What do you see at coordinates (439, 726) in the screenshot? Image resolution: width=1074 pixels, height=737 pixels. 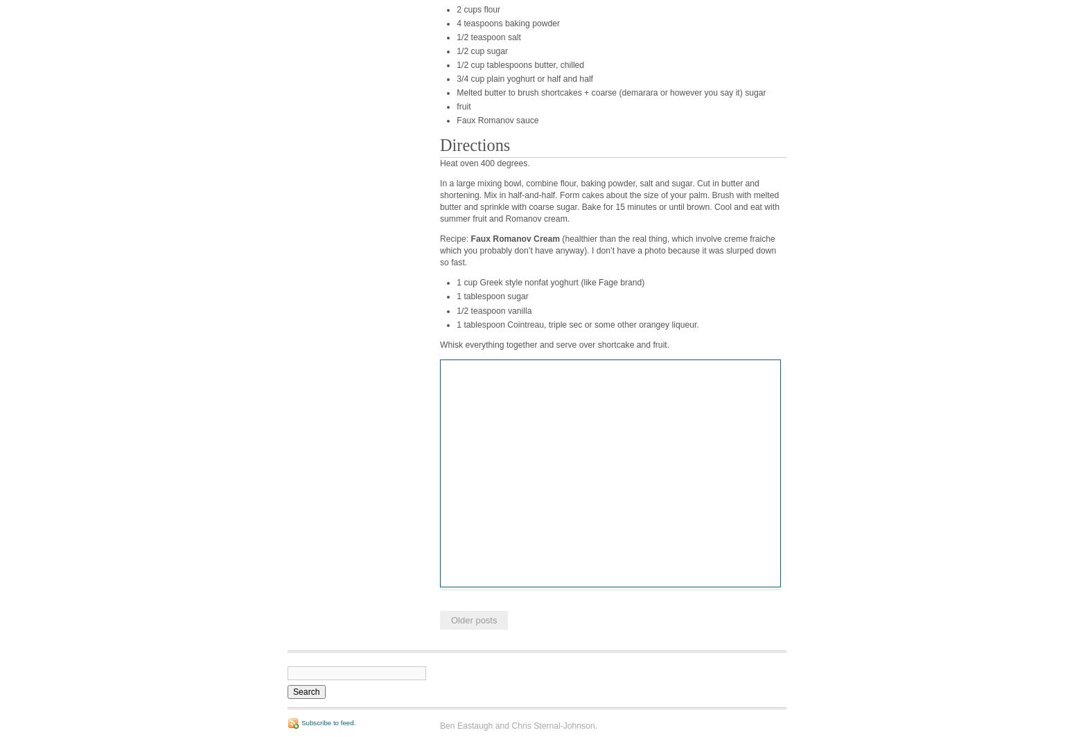 I see `'Ben Eastaugh and Chris Sternal-Johnson.'` at bounding box center [439, 726].